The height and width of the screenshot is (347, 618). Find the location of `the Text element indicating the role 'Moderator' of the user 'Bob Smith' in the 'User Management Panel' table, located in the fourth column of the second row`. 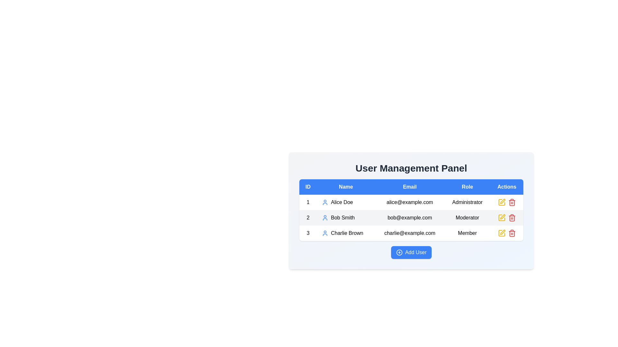

the Text element indicating the role 'Moderator' of the user 'Bob Smith' in the 'User Management Panel' table, located in the fourth column of the second row is located at coordinates (467, 218).